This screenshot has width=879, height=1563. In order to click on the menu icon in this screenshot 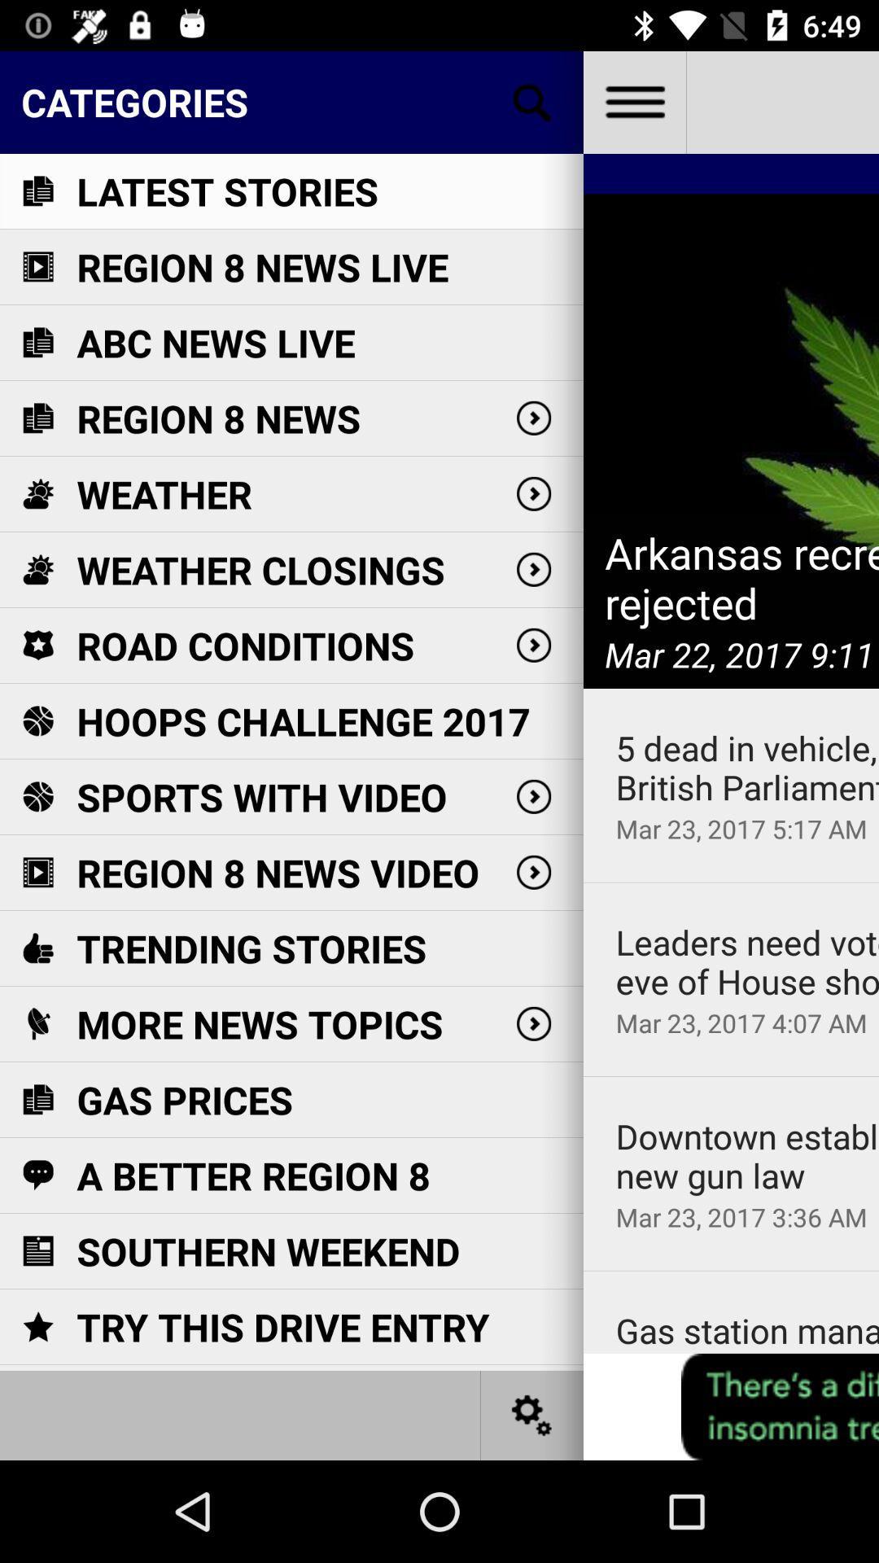, I will do `click(633, 101)`.